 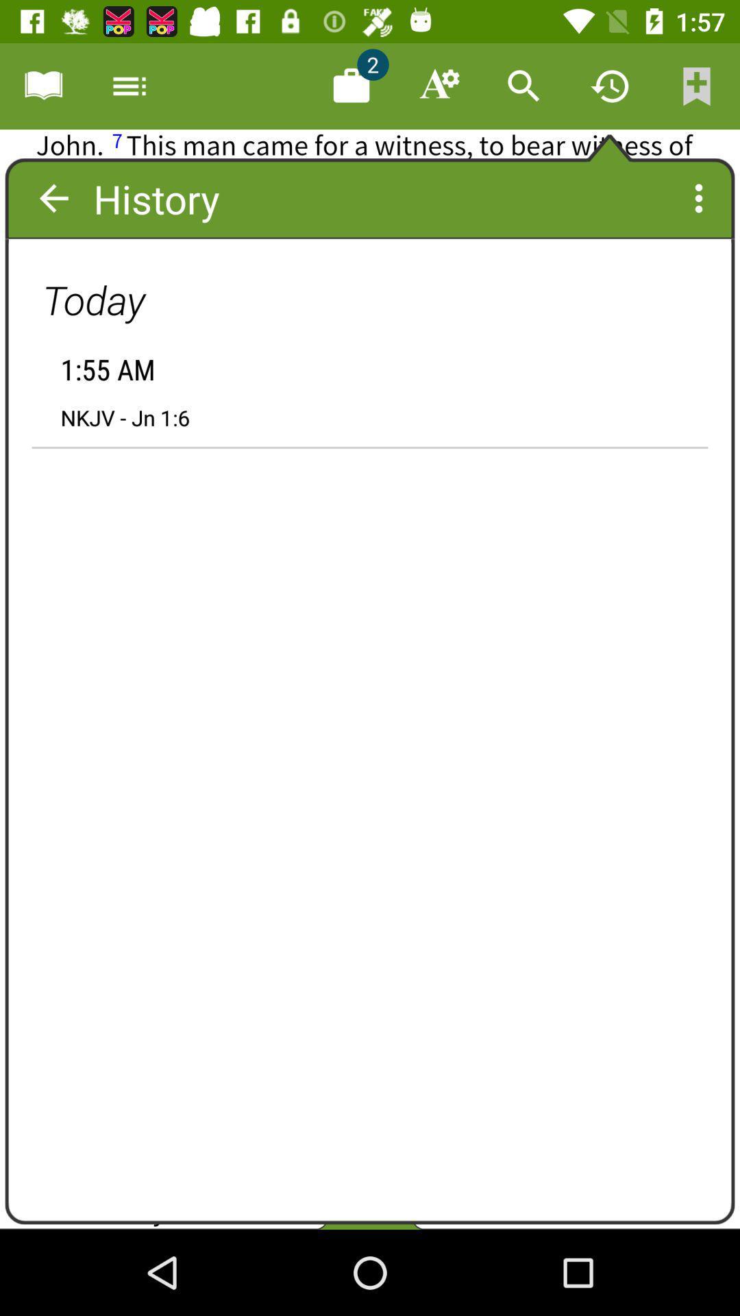 I want to click on the icon on right side of numeric 2, so click(x=438, y=85).